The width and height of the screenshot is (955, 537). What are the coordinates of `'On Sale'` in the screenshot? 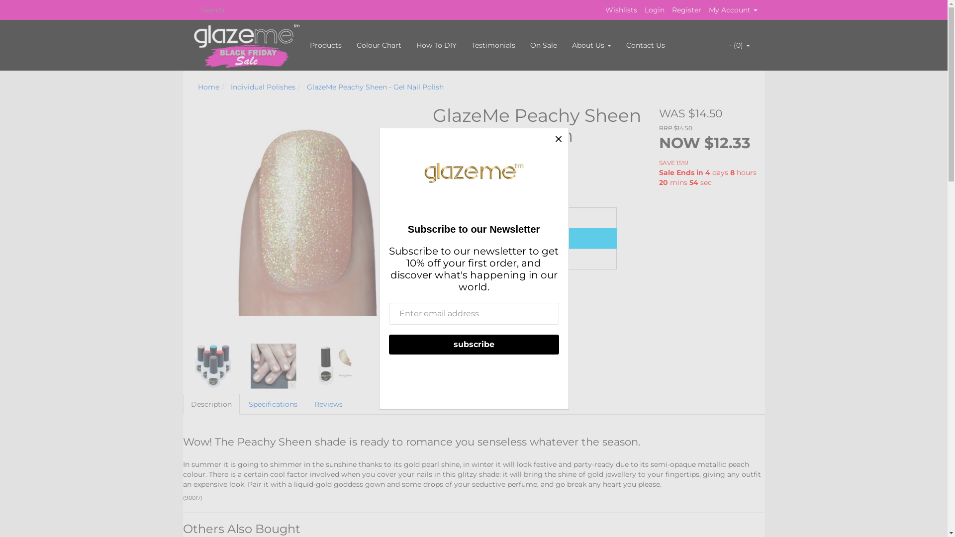 It's located at (542, 45).